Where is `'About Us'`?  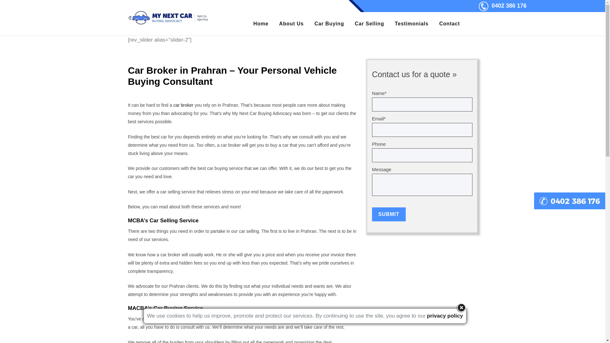 'About Us' is located at coordinates (291, 23).